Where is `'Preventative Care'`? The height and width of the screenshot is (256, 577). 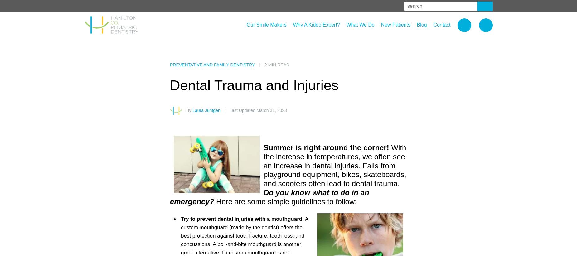 'Preventative Care' is located at coordinates (364, 43).